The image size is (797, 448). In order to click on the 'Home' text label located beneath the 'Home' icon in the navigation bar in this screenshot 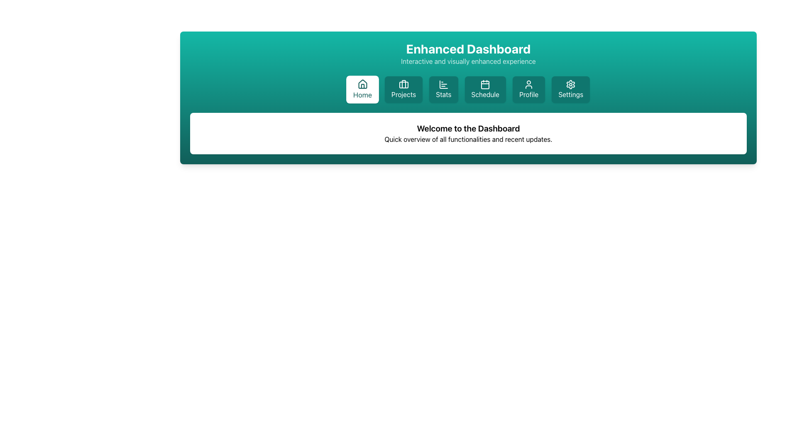, I will do `click(362, 94)`.